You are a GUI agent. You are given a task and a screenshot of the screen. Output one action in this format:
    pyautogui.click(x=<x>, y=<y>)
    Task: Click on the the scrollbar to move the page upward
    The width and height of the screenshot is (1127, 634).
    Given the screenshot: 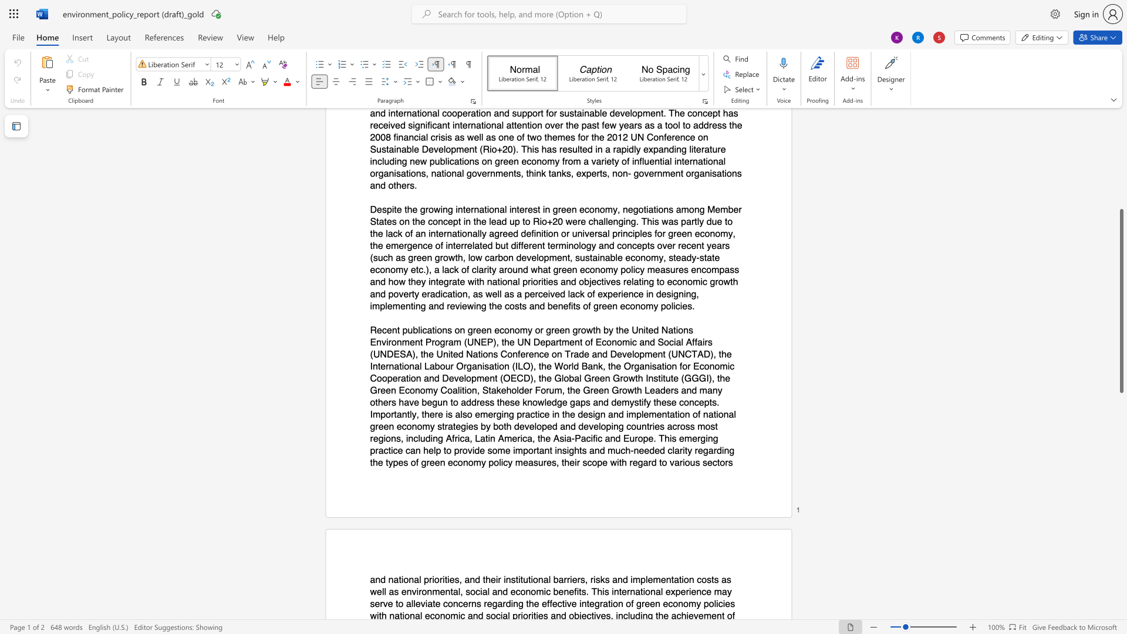 What is the action you would take?
    pyautogui.click(x=1121, y=181)
    